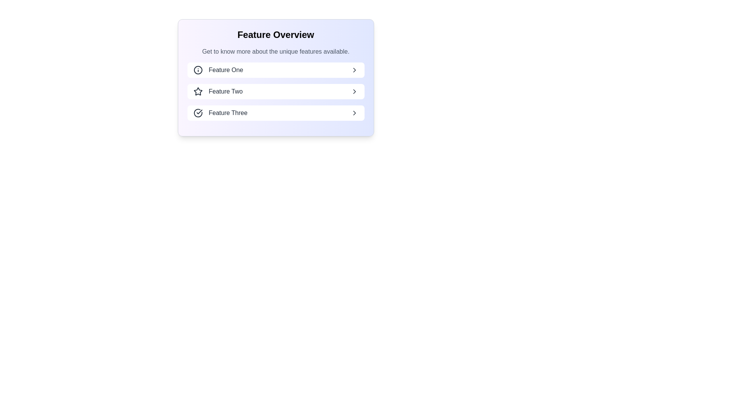 The height and width of the screenshot is (414, 736). What do you see at coordinates (217, 91) in the screenshot?
I see `on the list item labeled 'Feature Two' which has a star icon adjacent` at bounding box center [217, 91].